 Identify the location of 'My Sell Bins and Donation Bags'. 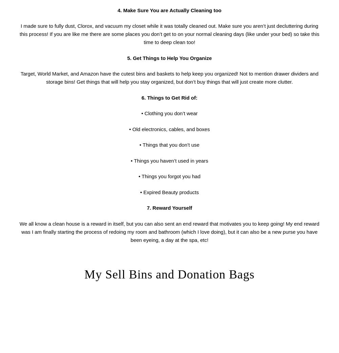
(84, 274).